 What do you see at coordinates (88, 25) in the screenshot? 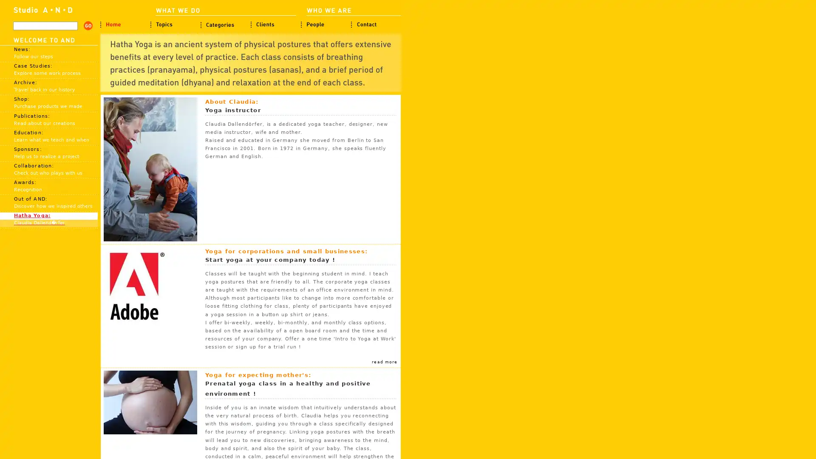
I see `search` at bounding box center [88, 25].